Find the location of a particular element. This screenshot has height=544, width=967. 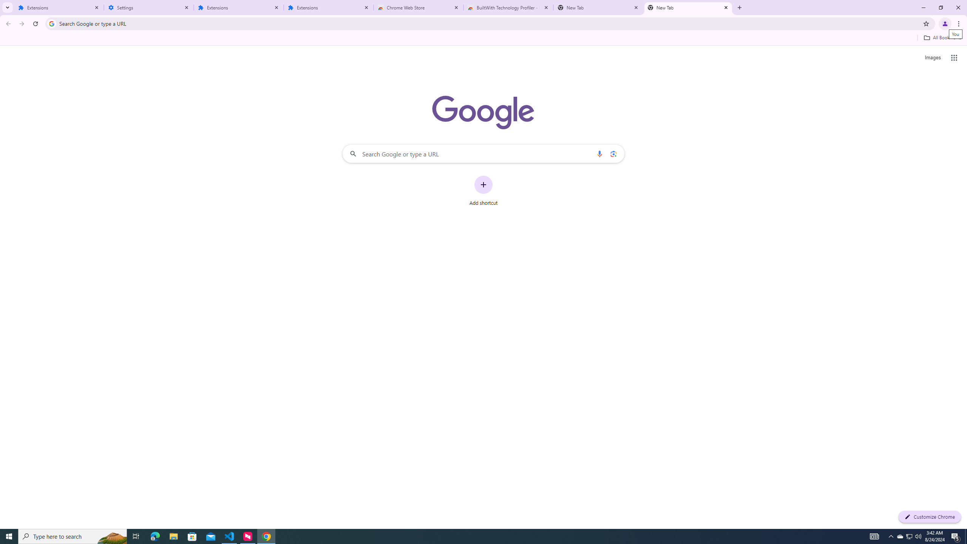

'Google apps' is located at coordinates (954, 57).